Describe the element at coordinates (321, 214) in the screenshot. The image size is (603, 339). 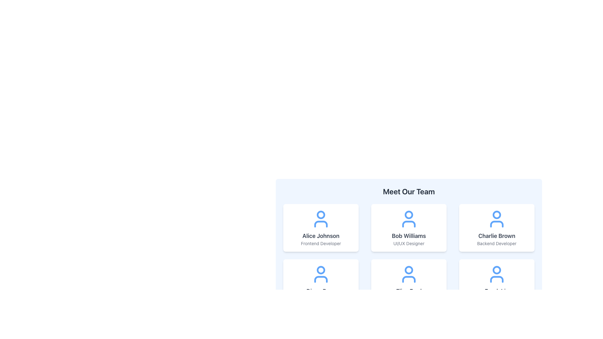
I see `the head of the avatar icon representing Alice Johnson in the top-left card under the 'Meet Our Team' section to interact with the avatar` at that location.